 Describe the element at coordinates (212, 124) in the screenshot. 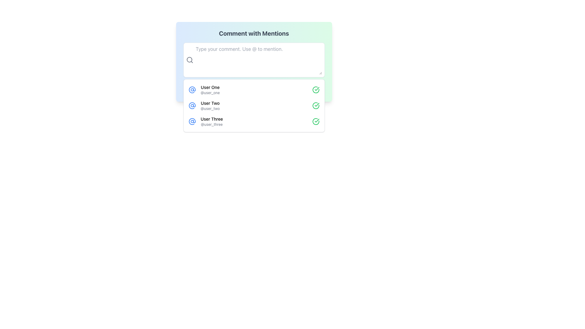

I see `the text label displaying the unique handle for 'User Three', which is located below the search input field in a comment mentioning interface` at that location.